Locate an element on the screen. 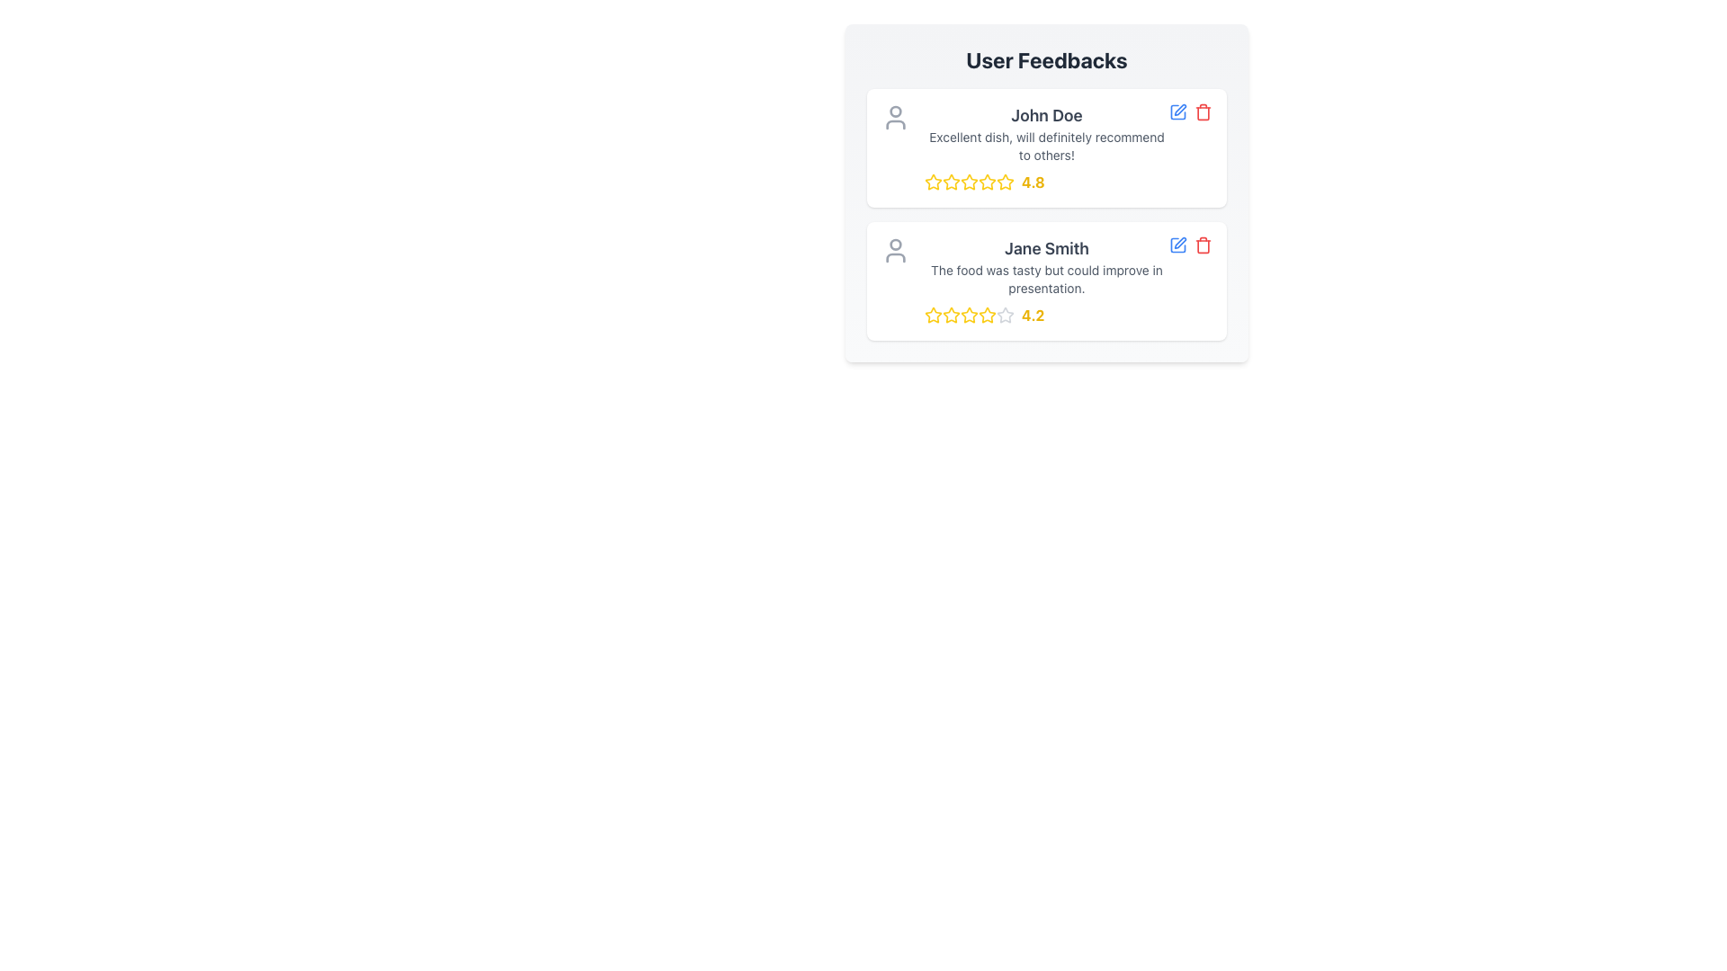  the Edit icon located to the right of the text 'Jane Smith' is located at coordinates (1180, 243).